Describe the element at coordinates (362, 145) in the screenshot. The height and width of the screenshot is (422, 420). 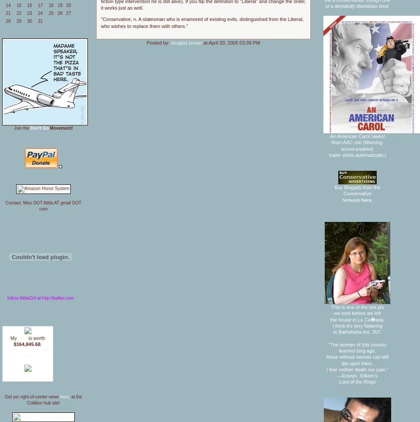
I see `'(Warning: sound-enabled;'` at that location.